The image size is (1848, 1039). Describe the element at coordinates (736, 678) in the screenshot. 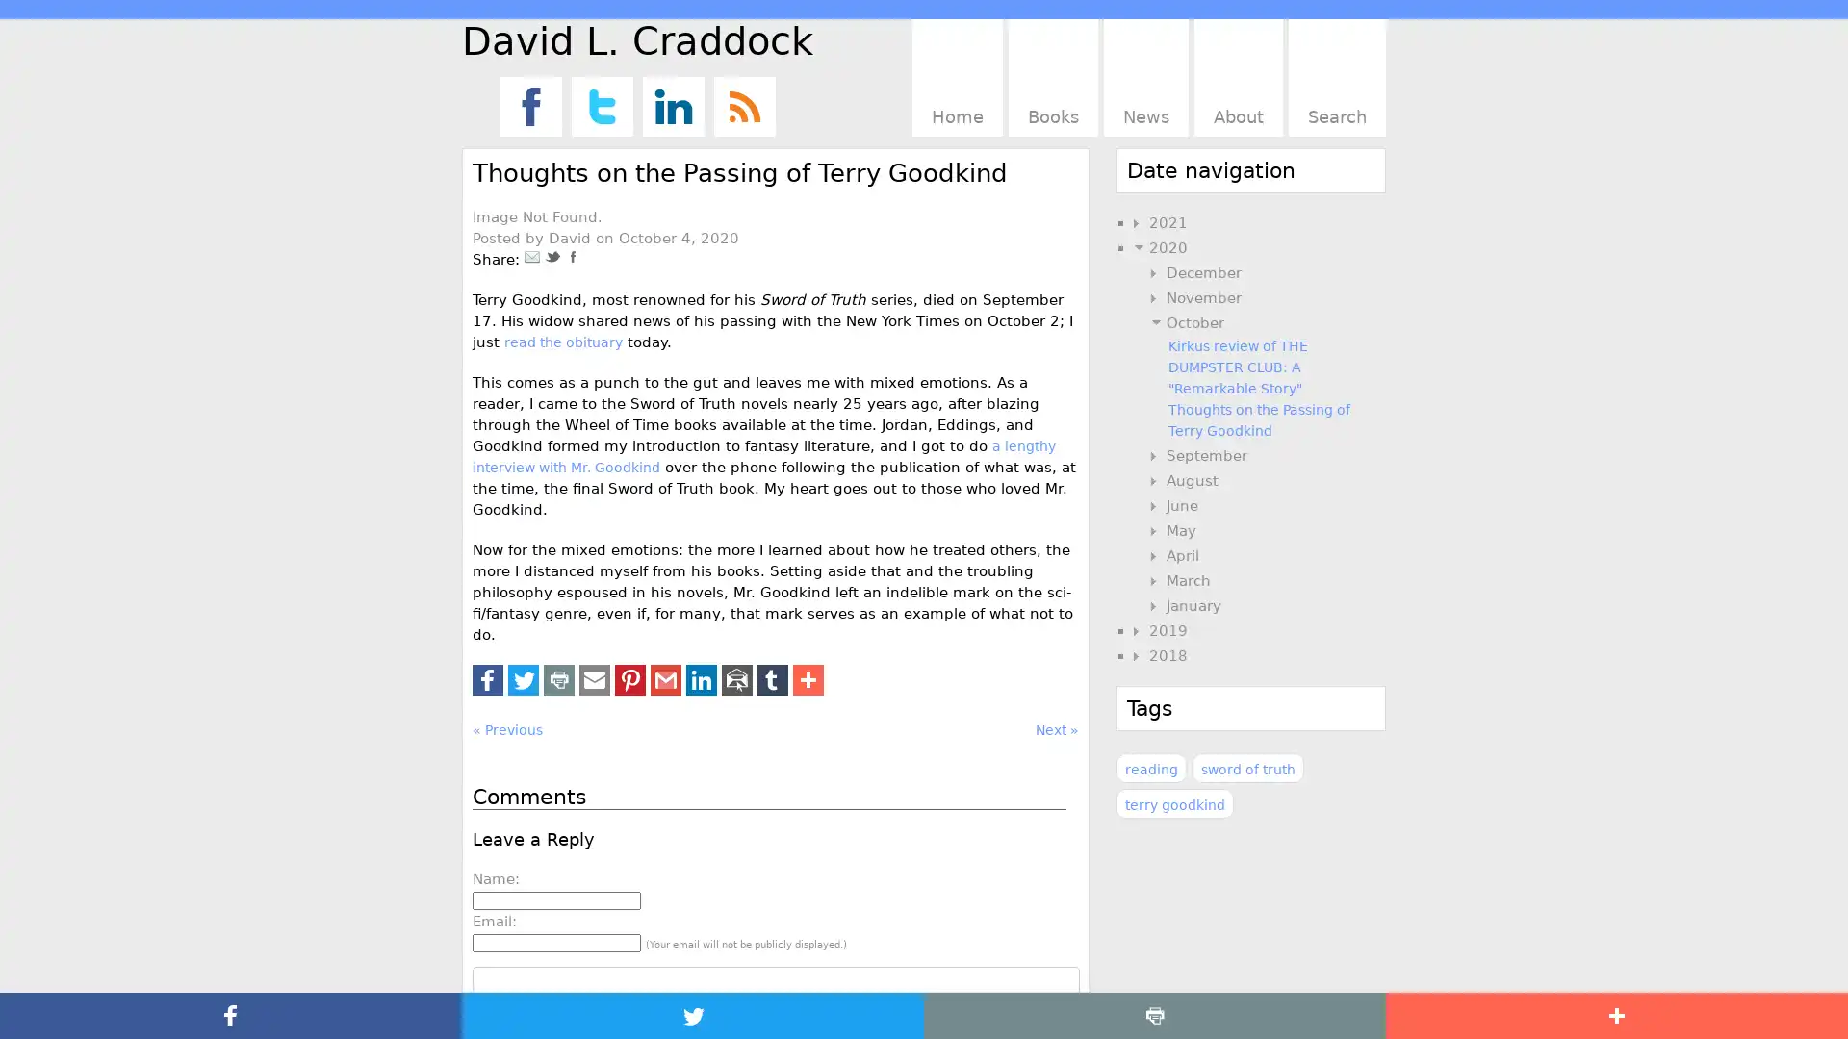

I see `Share to Email App` at that location.